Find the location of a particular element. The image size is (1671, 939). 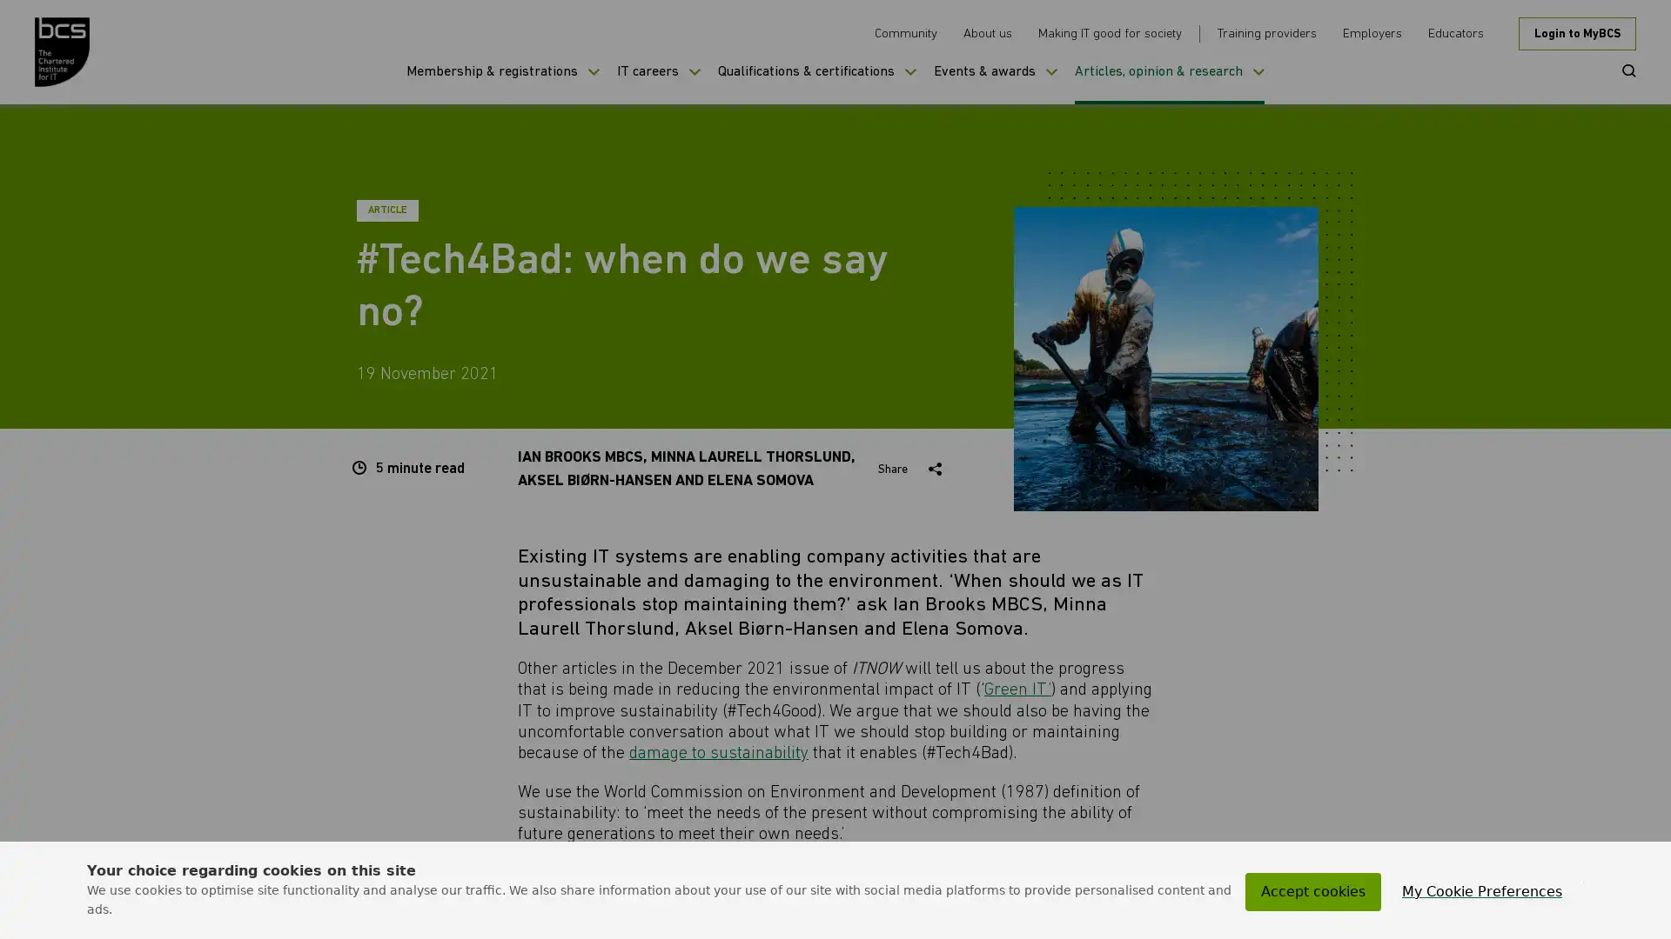

Share is located at coordinates (912, 469).